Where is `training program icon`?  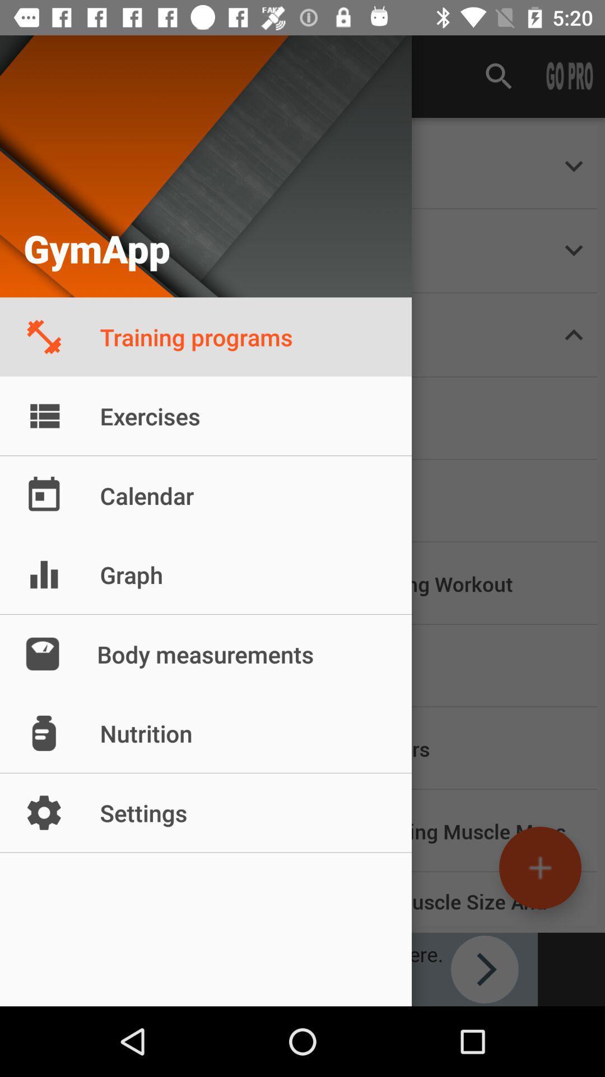 training program icon is located at coordinates (48, 334).